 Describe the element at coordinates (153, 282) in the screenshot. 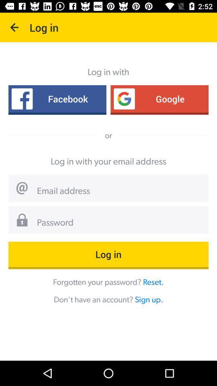

I see `reset. icon` at that location.